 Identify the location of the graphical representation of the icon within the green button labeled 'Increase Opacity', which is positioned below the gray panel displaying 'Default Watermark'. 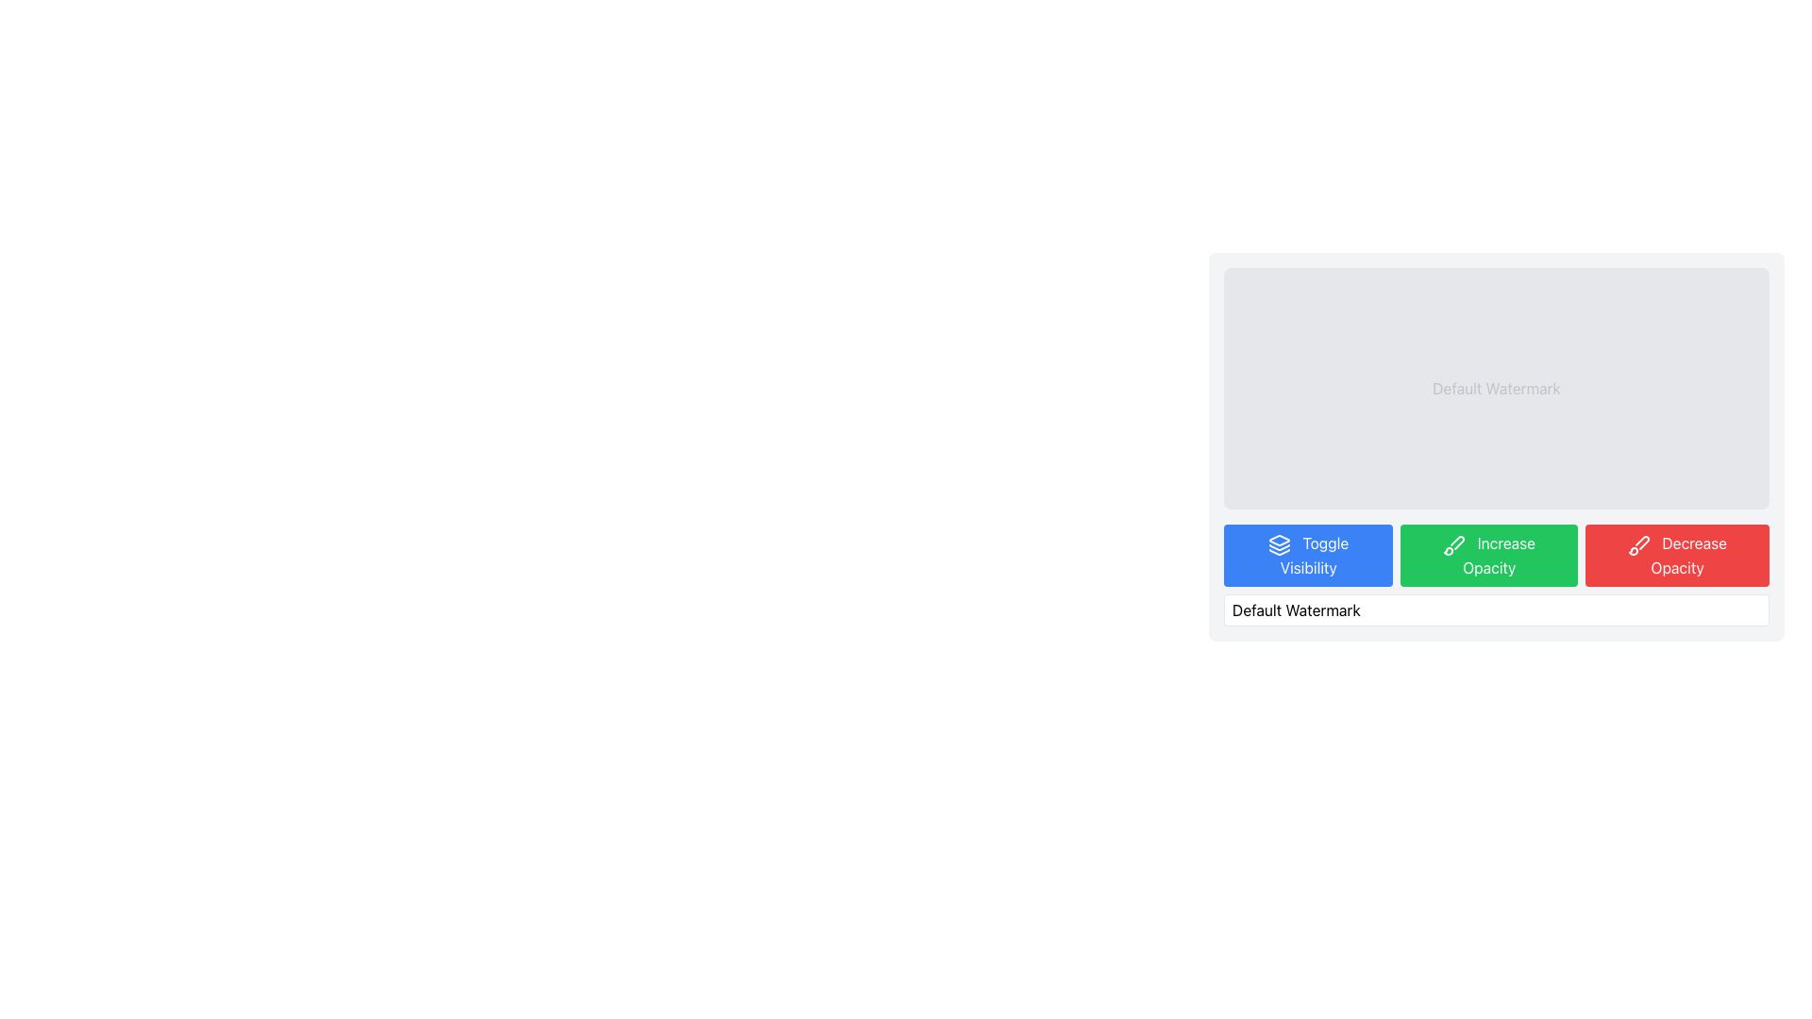
(1453, 544).